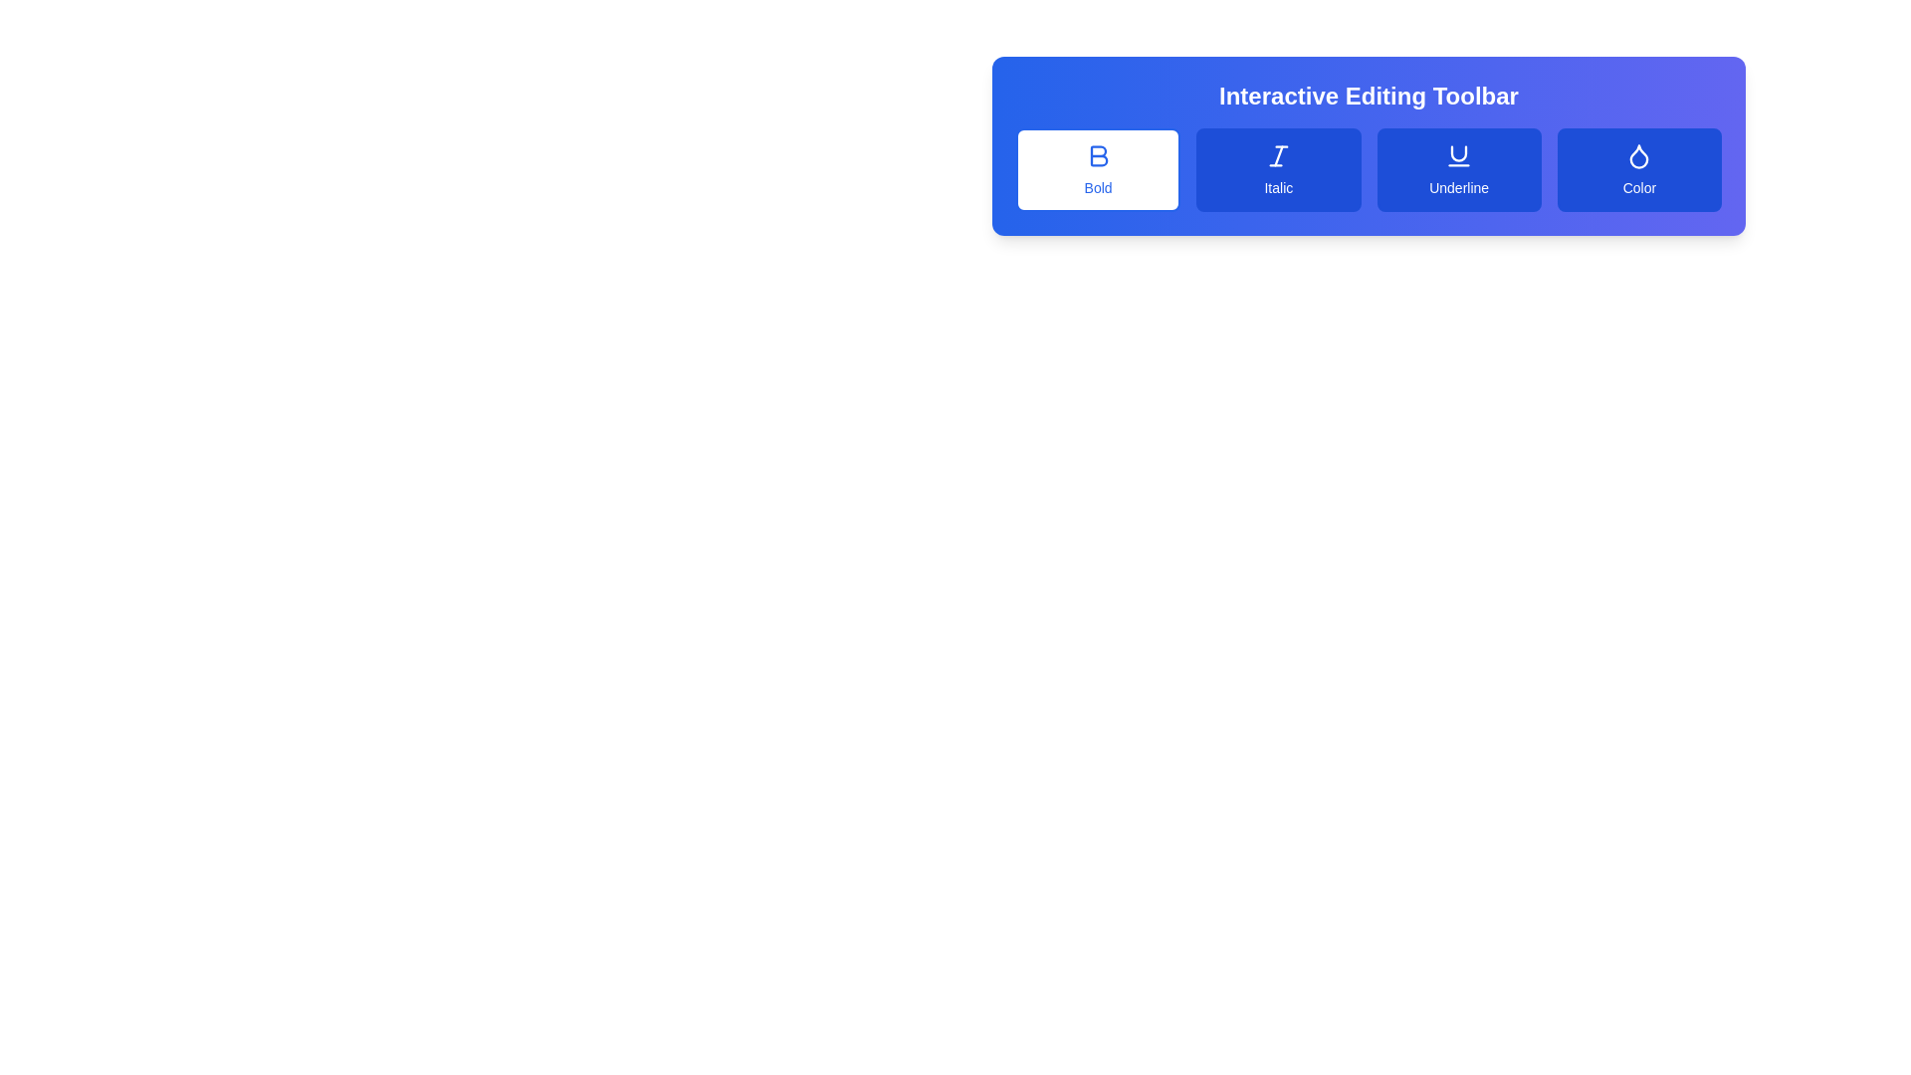 The width and height of the screenshot is (1911, 1075). Describe the element at coordinates (1459, 188) in the screenshot. I see `the 'Underline' label text, which is styled with a small font size, capitalized letters, and centrally aligned within a button with a blue background, located third from the left in a horizontal toolbar` at that location.